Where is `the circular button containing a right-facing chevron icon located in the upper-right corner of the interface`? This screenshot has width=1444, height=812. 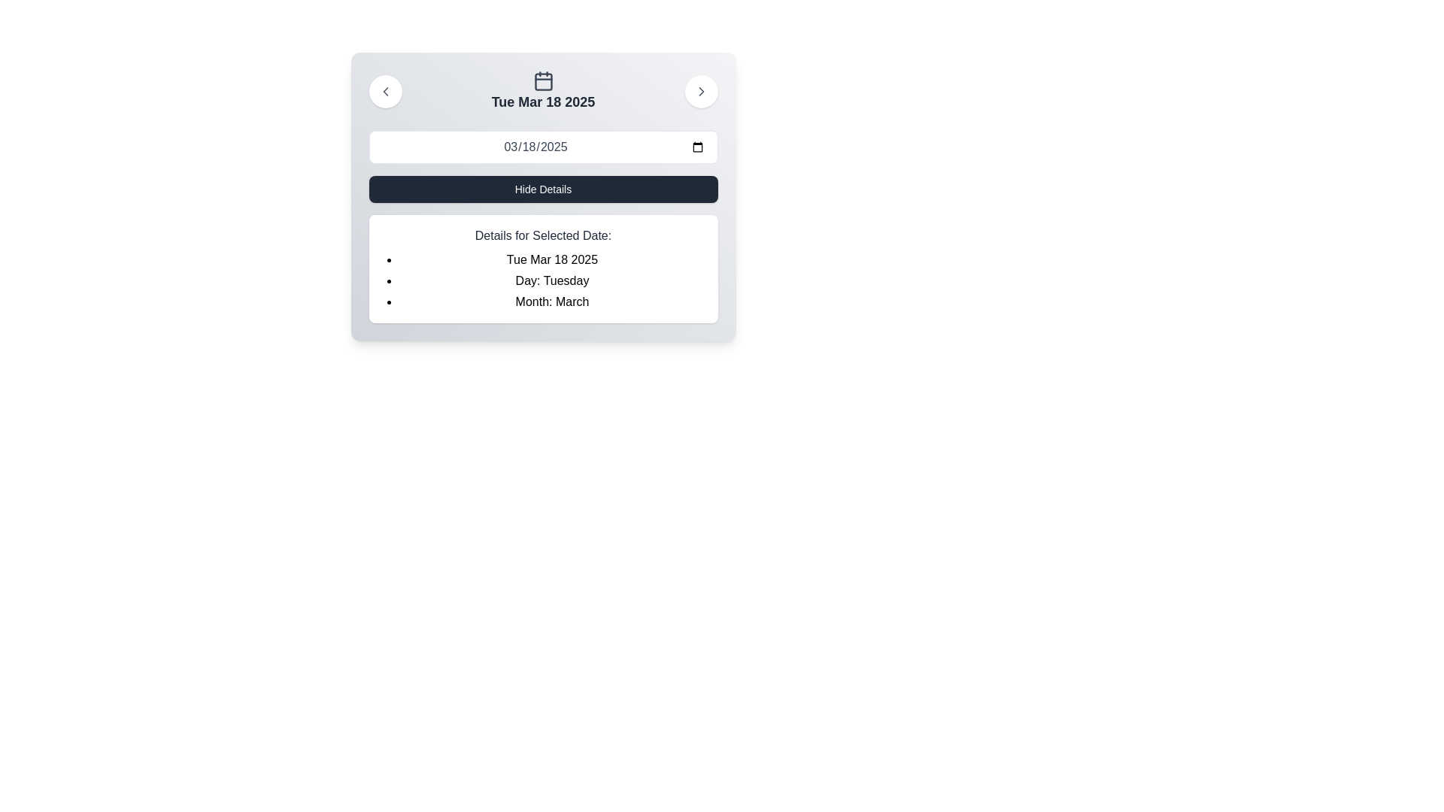
the circular button containing a right-facing chevron icon located in the upper-right corner of the interface is located at coordinates (700, 92).